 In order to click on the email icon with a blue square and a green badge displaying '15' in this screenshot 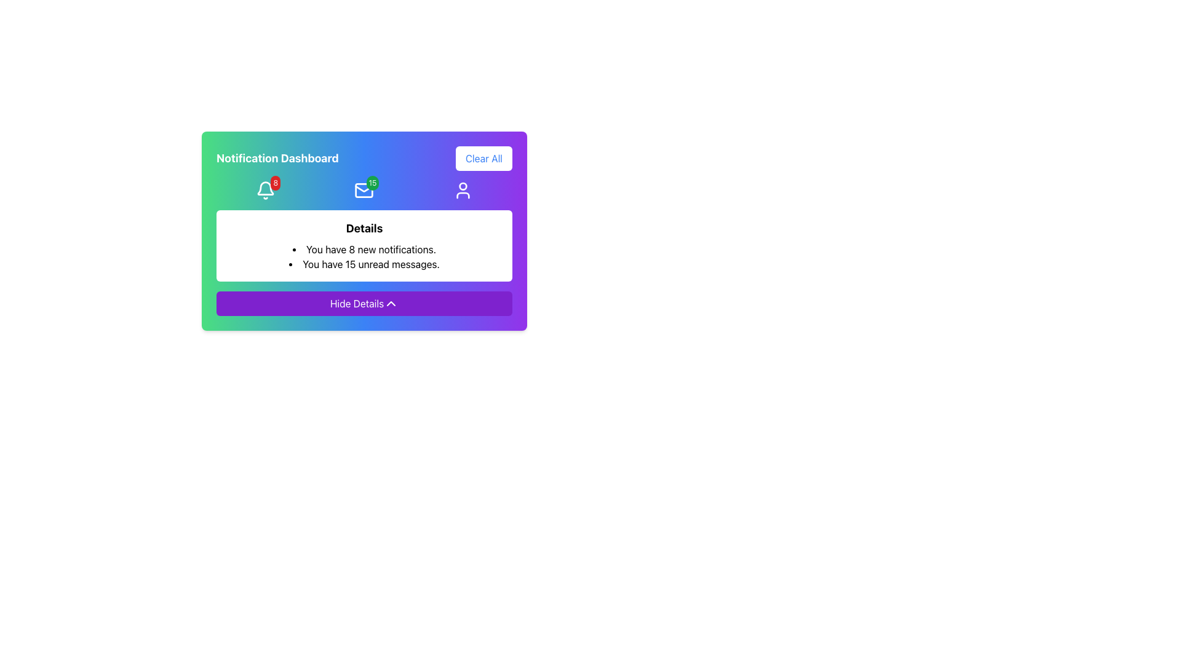, I will do `click(364, 190)`.